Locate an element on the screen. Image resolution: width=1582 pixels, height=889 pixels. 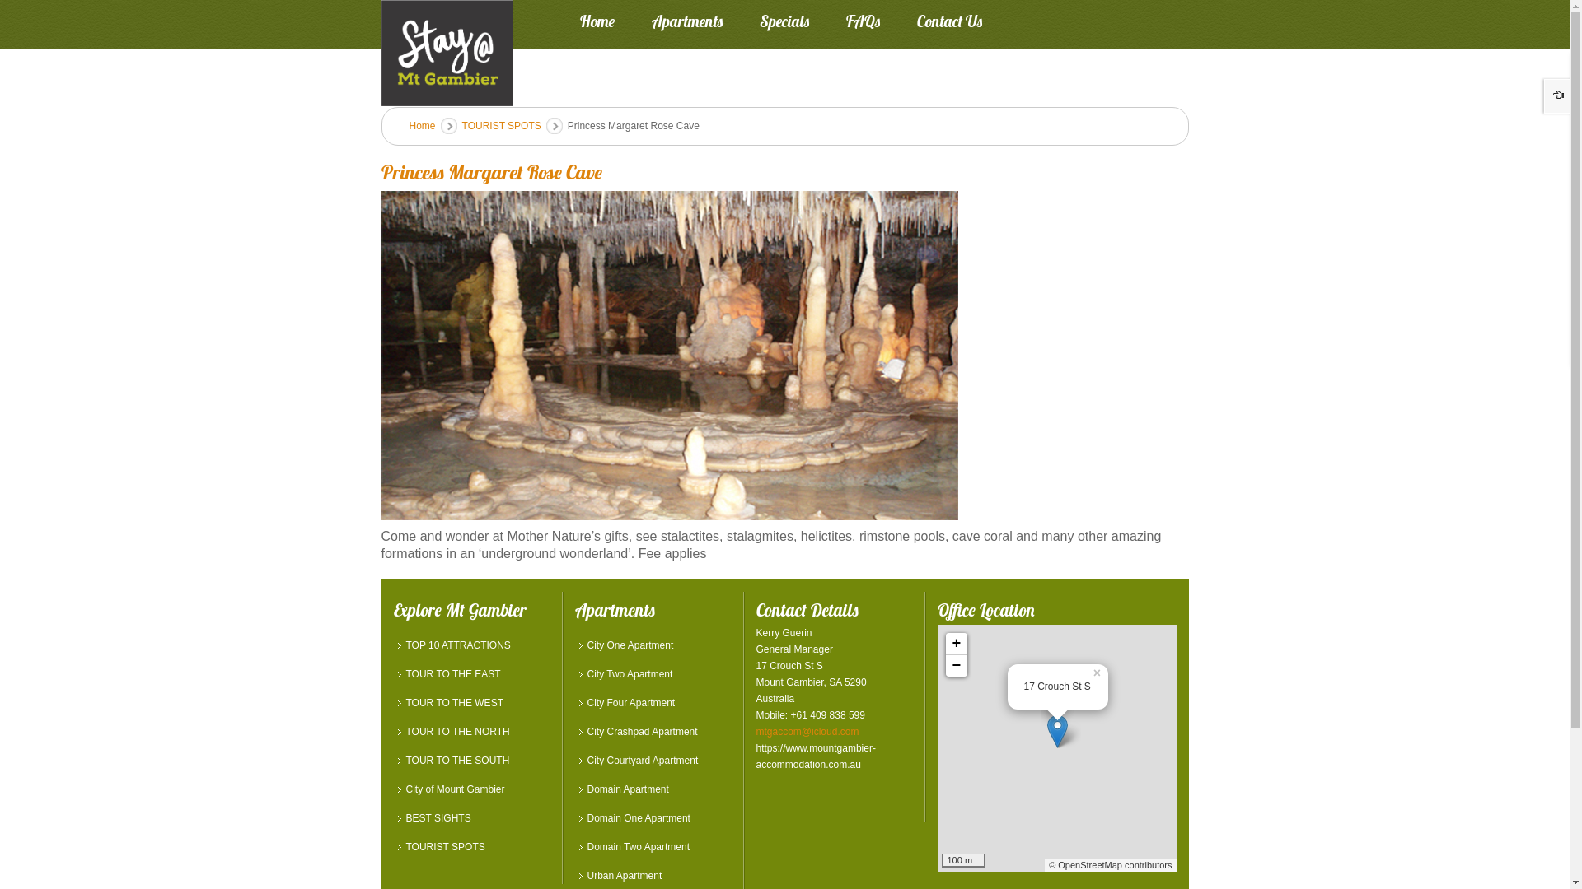
'BEST SIGHTS' is located at coordinates (470, 818).